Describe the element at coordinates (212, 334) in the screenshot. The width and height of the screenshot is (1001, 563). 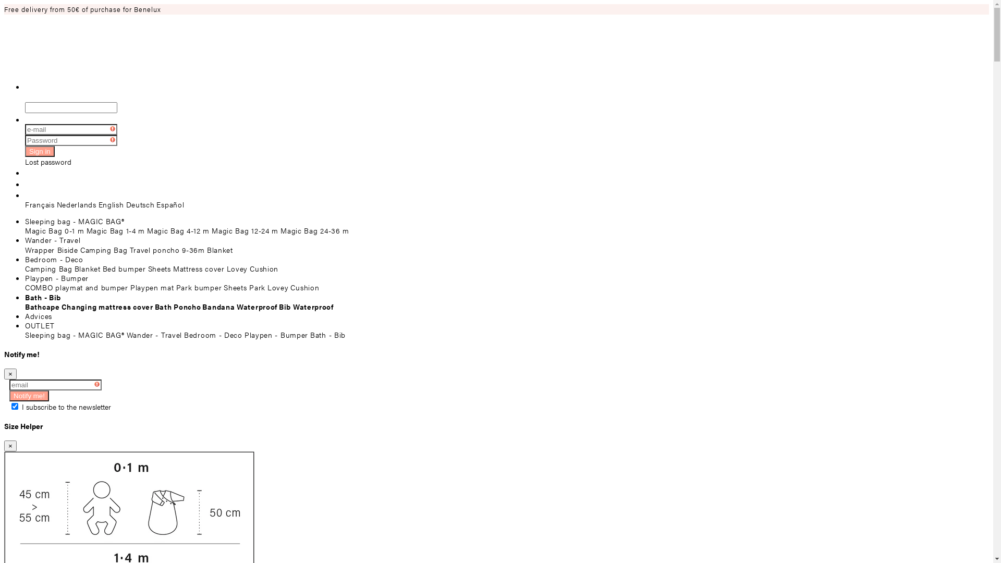
I see `'Bedroom - Deco'` at that location.